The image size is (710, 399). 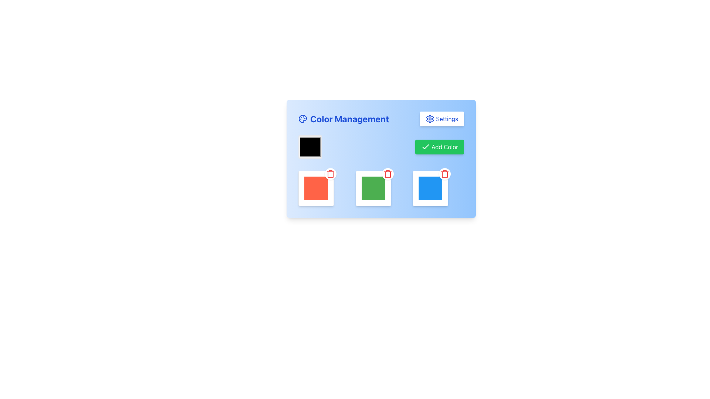 I want to click on the settings gear icon located in the top-right corner of the 'Color Management' card, so click(x=430, y=118).